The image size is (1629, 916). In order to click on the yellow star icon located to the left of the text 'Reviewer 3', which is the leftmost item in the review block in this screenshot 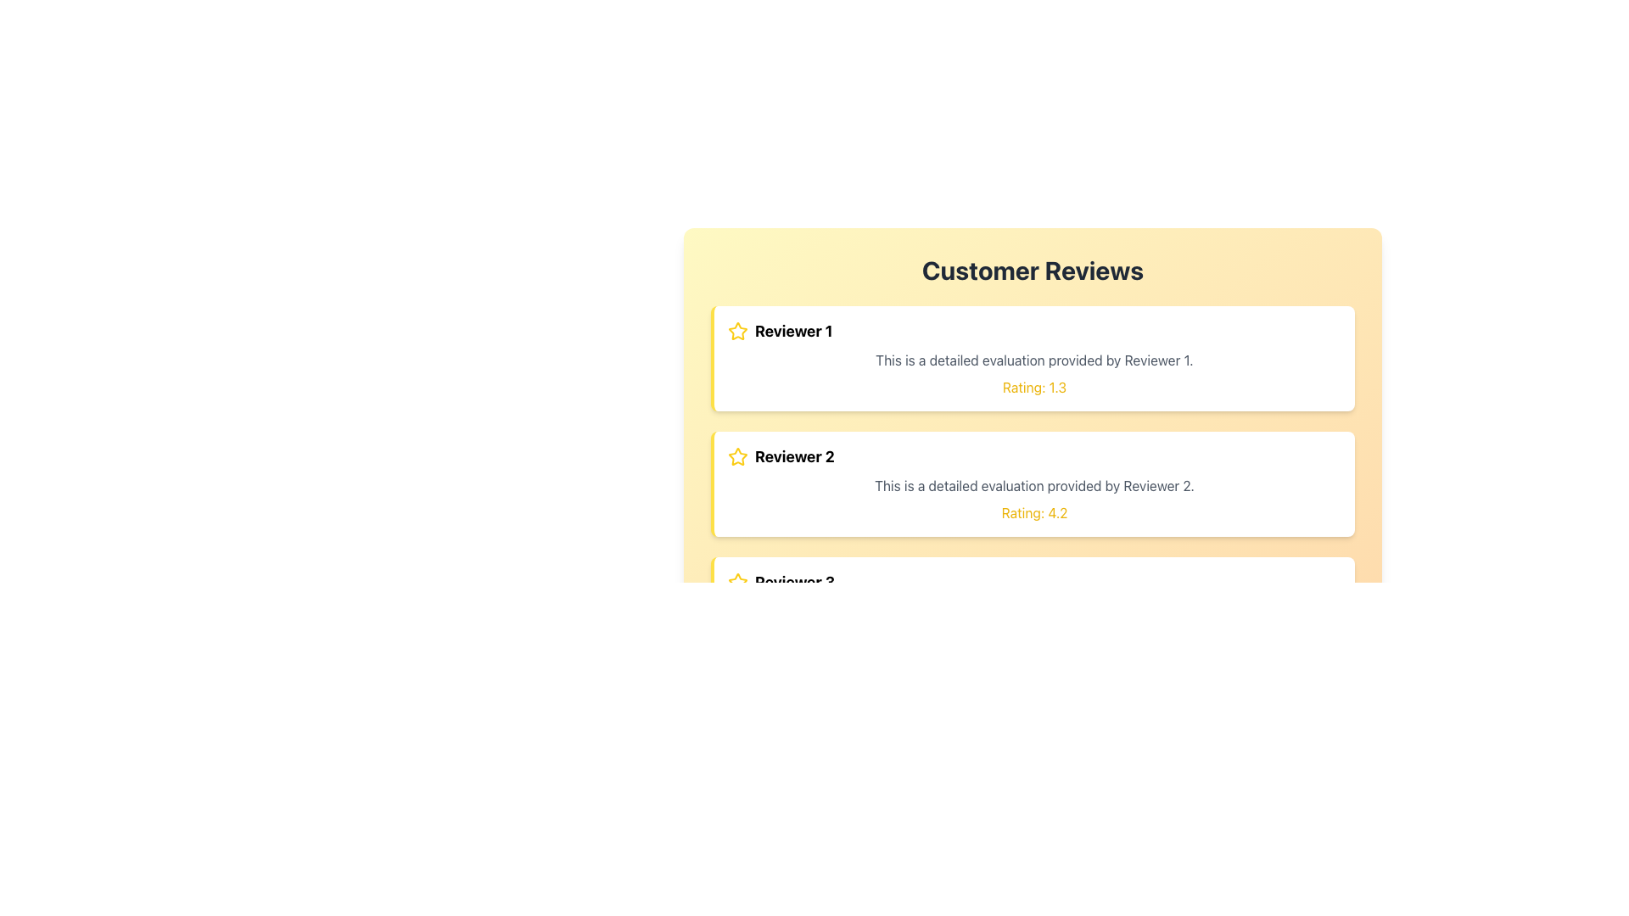, I will do `click(737, 581)`.